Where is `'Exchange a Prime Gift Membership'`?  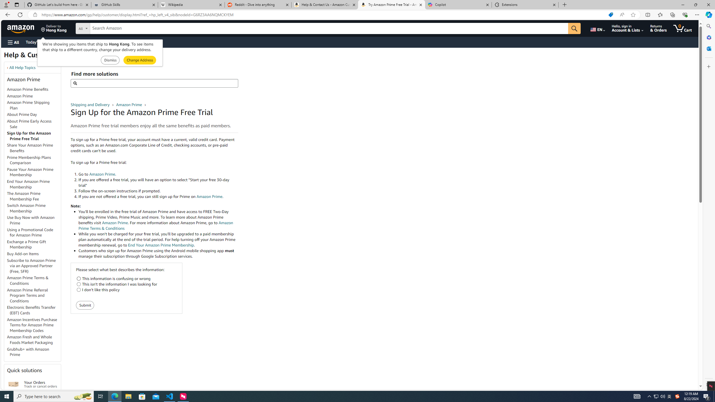 'Exchange a Prime Gift Membership' is located at coordinates (26, 244).